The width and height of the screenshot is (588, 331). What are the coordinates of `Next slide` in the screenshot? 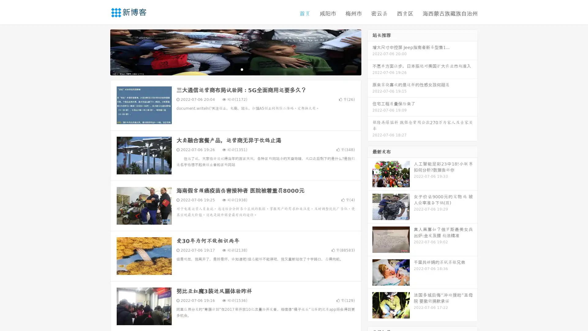 It's located at (370, 51).